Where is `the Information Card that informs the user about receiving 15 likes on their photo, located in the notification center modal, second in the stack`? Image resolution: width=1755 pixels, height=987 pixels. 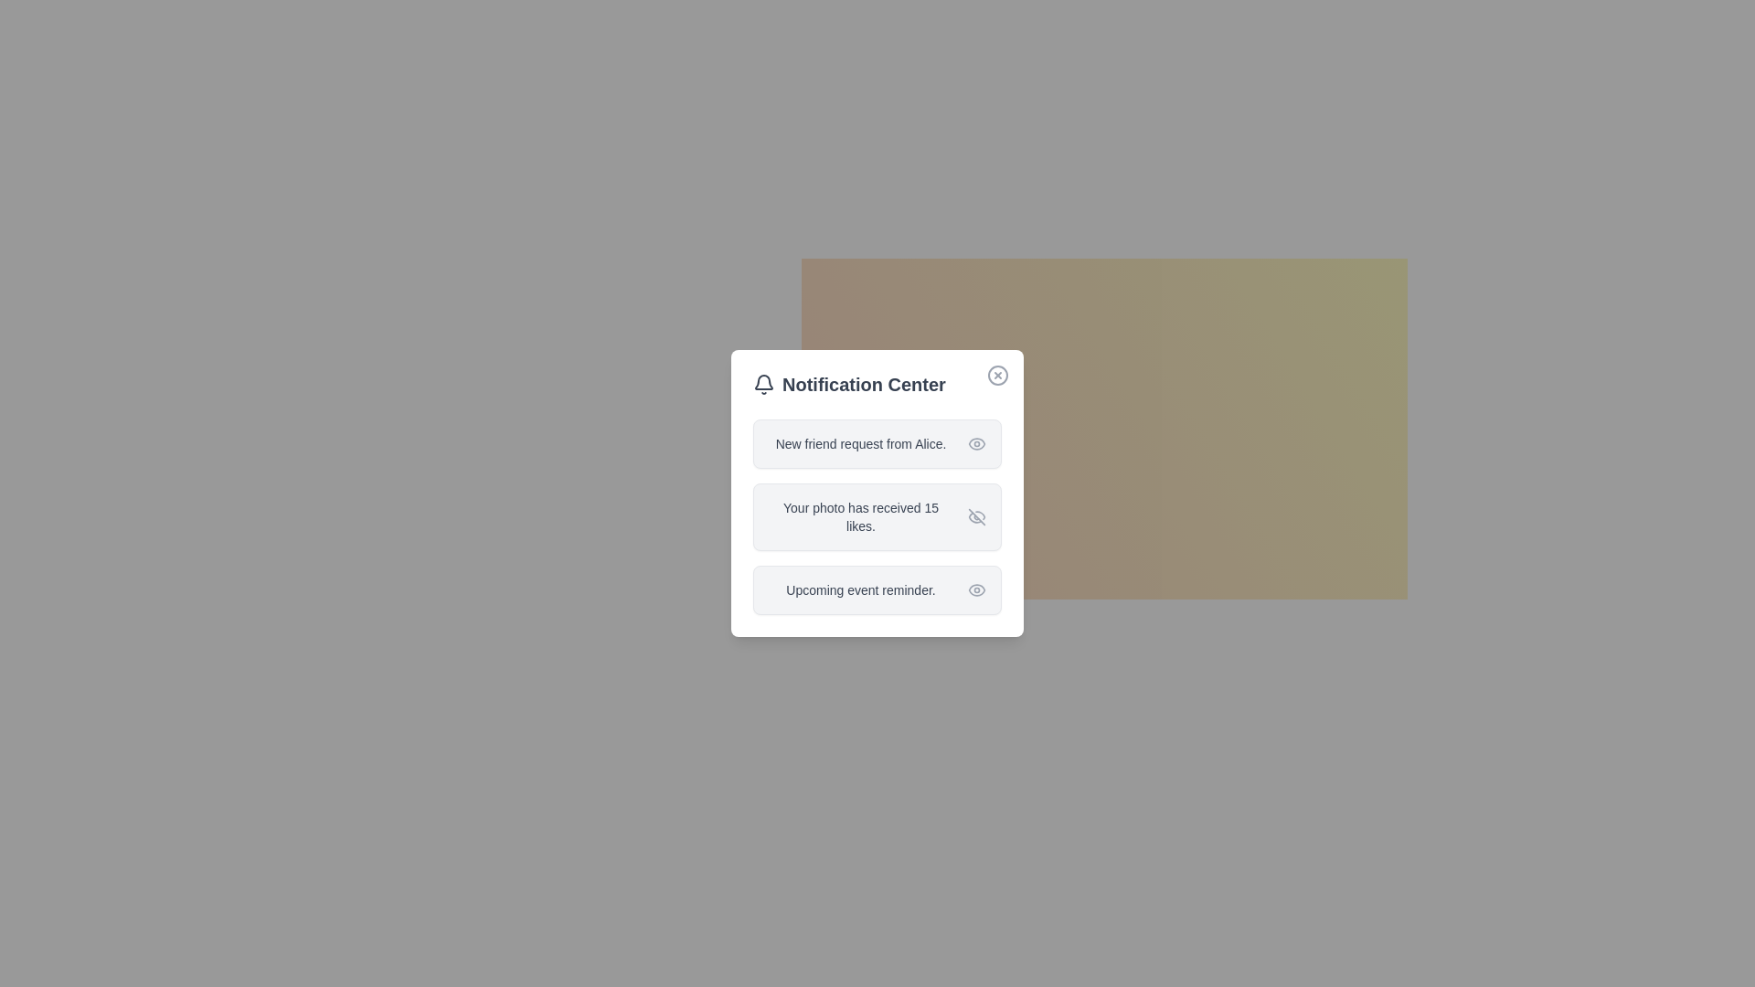 the Information Card that informs the user about receiving 15 likes on their photo, located in the notification center modal, second in the stack is located at coordinates (877, 493).